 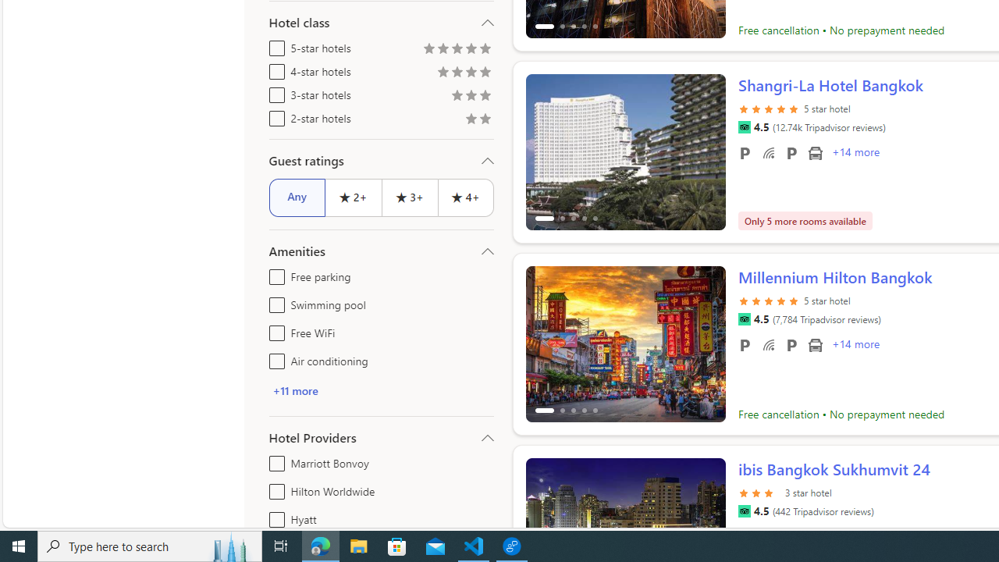 I want to click on '2+', so click(x=352, y=197).